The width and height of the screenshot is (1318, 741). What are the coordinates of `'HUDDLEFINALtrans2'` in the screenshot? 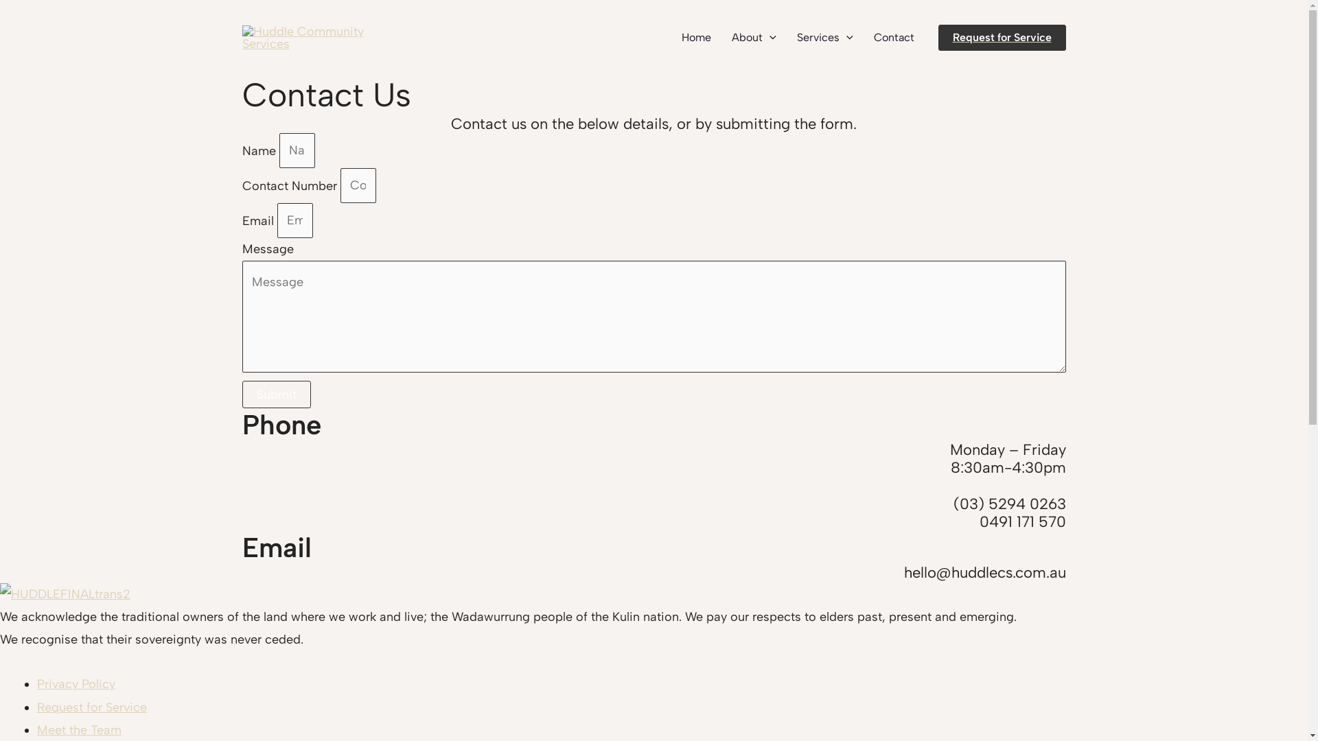 It's located at (65, 593).